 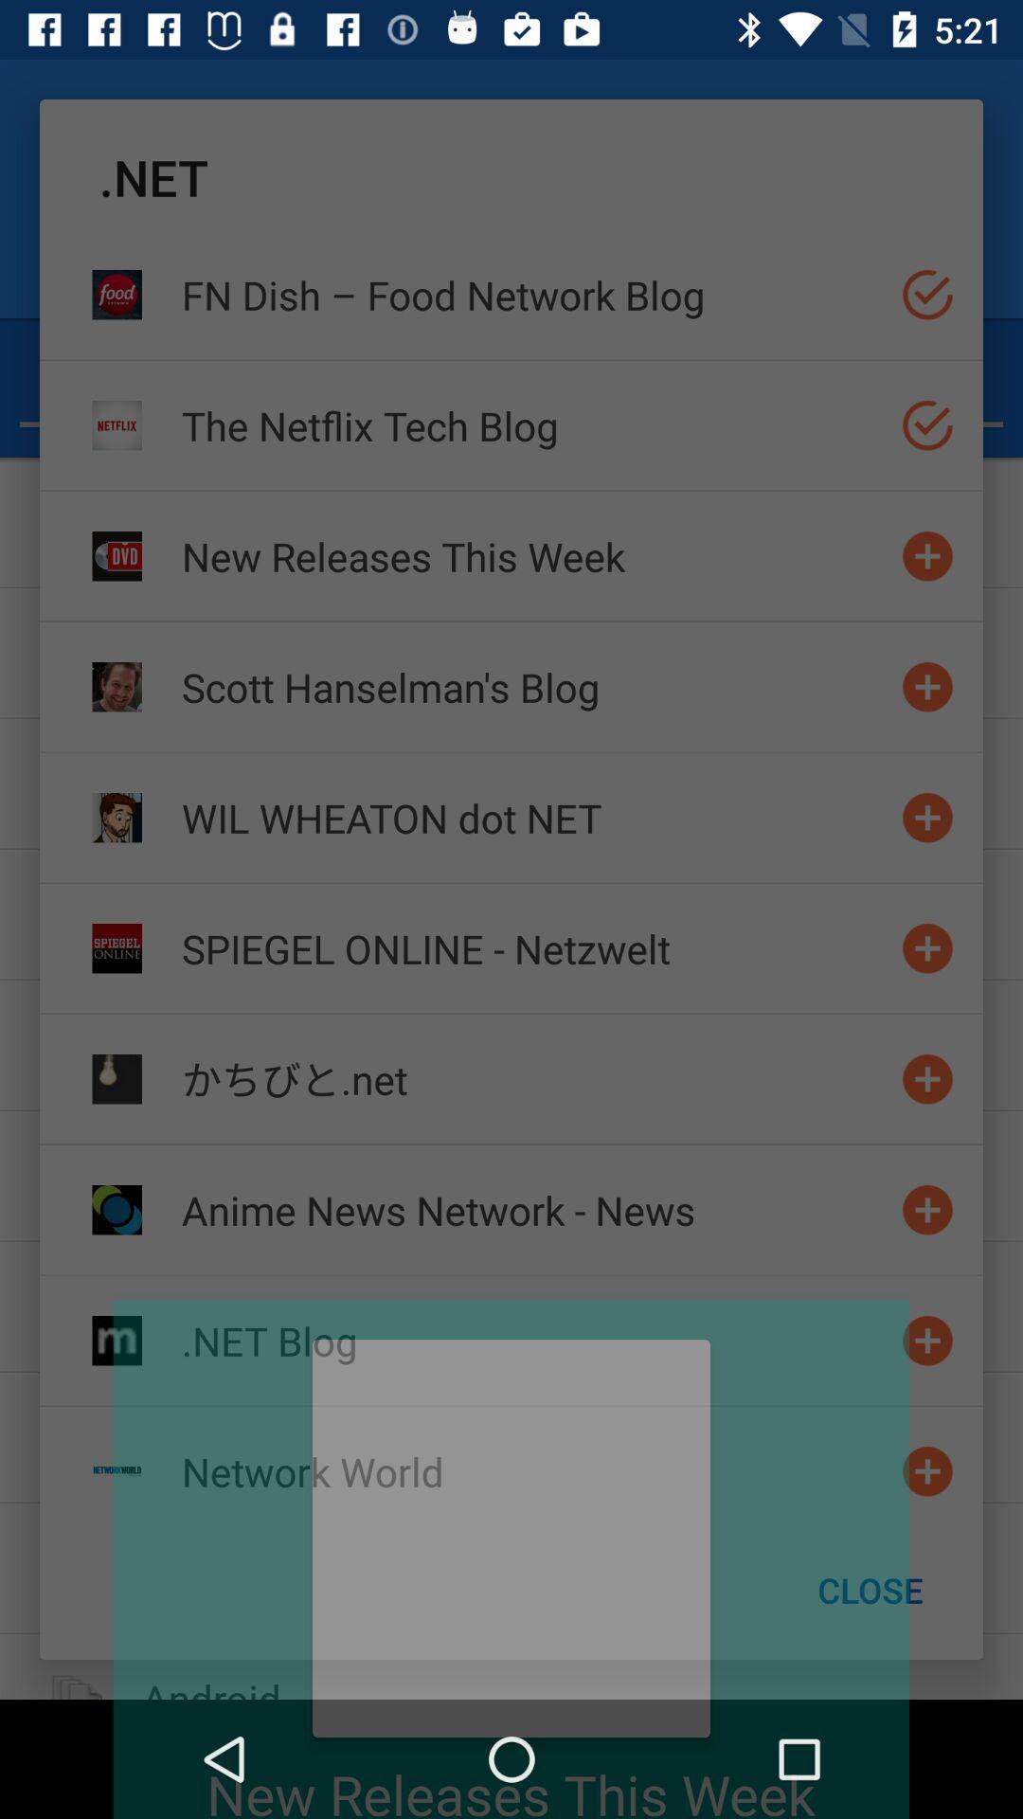 I want to click on to the existing list, so click(x=926, y=1079).